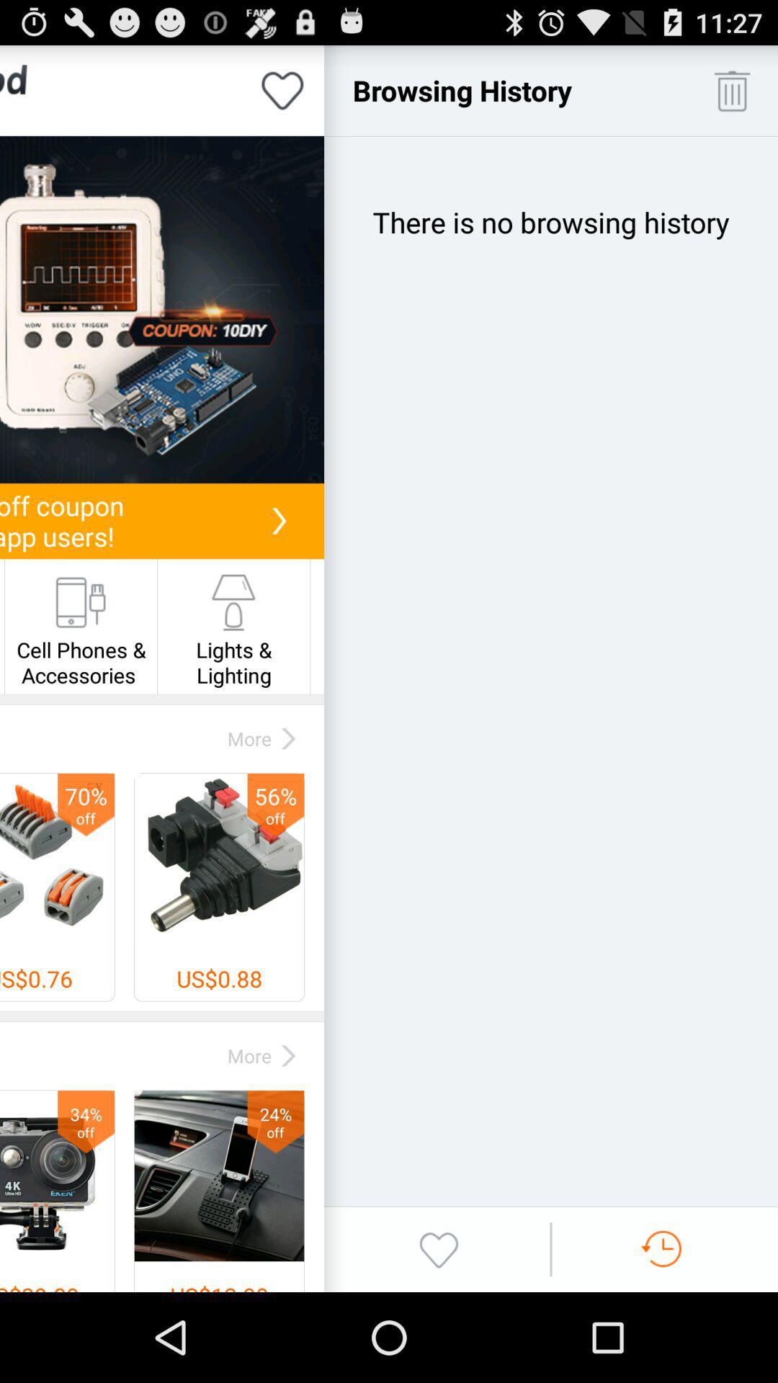 Image resolution: width=778 pixels, height=1383 pixels. What do you see at coordinates (282, 89) in the screenshot?
I see `indicate that you like the page` at bounding box center [282, 89].